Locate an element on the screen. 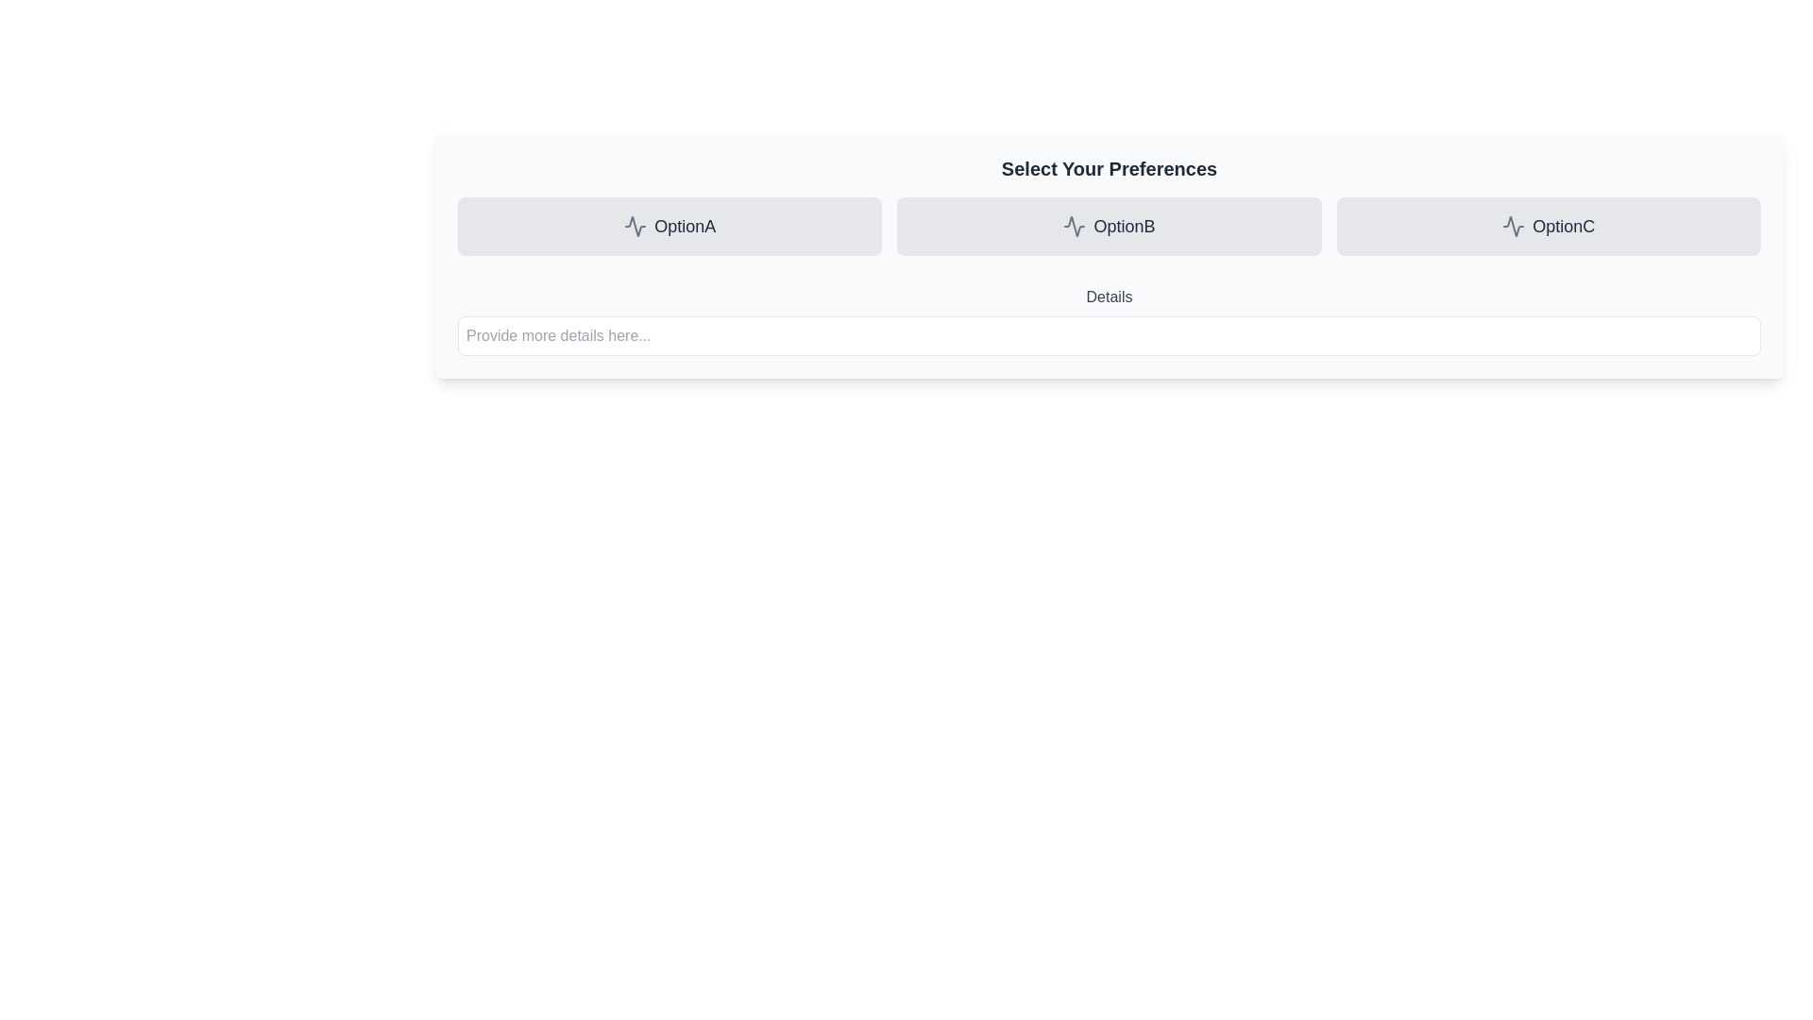  the third button in the preferences section is located at coordinates (1549, 225).